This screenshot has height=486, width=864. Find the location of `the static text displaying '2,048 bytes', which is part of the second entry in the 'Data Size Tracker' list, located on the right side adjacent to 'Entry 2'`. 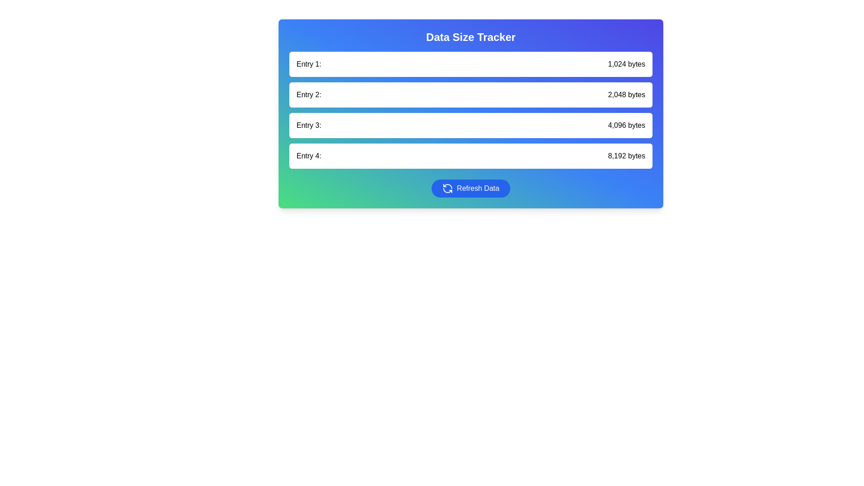

the static text displaying '2,048 bytes', which is part of the second entry in the 'Data Size Tracker' list, located on the right side adjacent to 'Entry 2' is located at coordinates (626, 95).